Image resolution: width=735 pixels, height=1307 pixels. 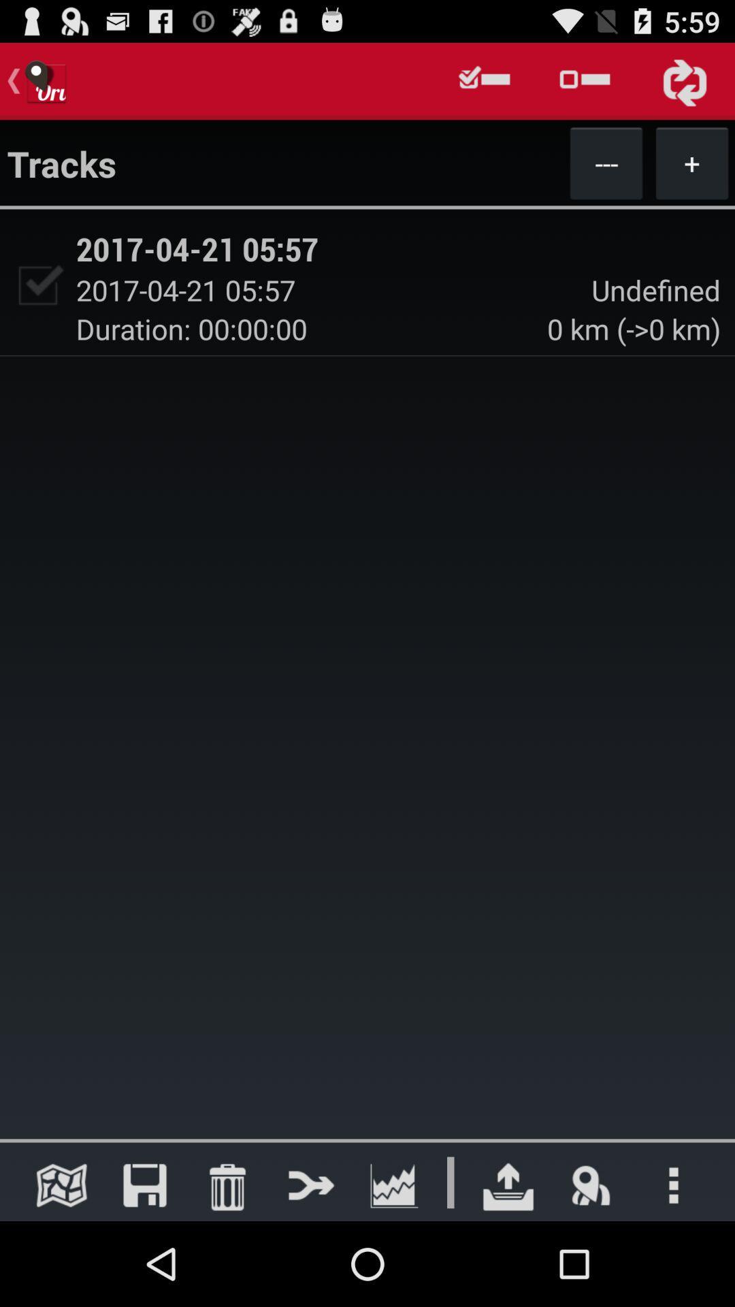 I want to click on the app to the left of the 2017 04 21 icon, so click(x=37, y=285).